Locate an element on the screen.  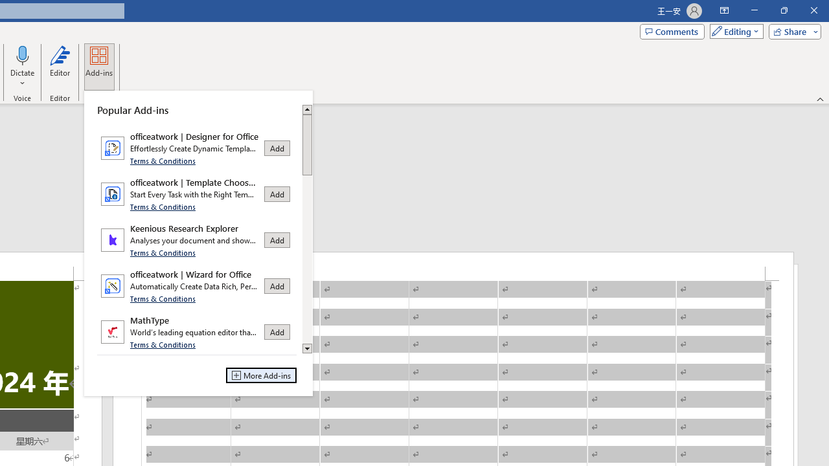
'Line up' is located at coordinates (306, 108).